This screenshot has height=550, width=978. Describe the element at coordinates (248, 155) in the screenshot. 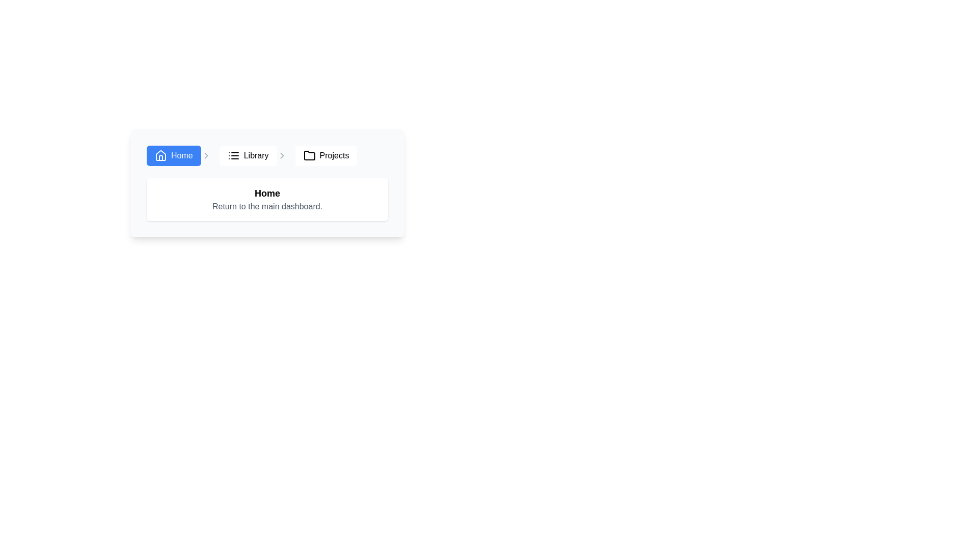

I see `the navigational button located in the top section of the interface, between the 'Home' and 'Projects' buttons` at that location.